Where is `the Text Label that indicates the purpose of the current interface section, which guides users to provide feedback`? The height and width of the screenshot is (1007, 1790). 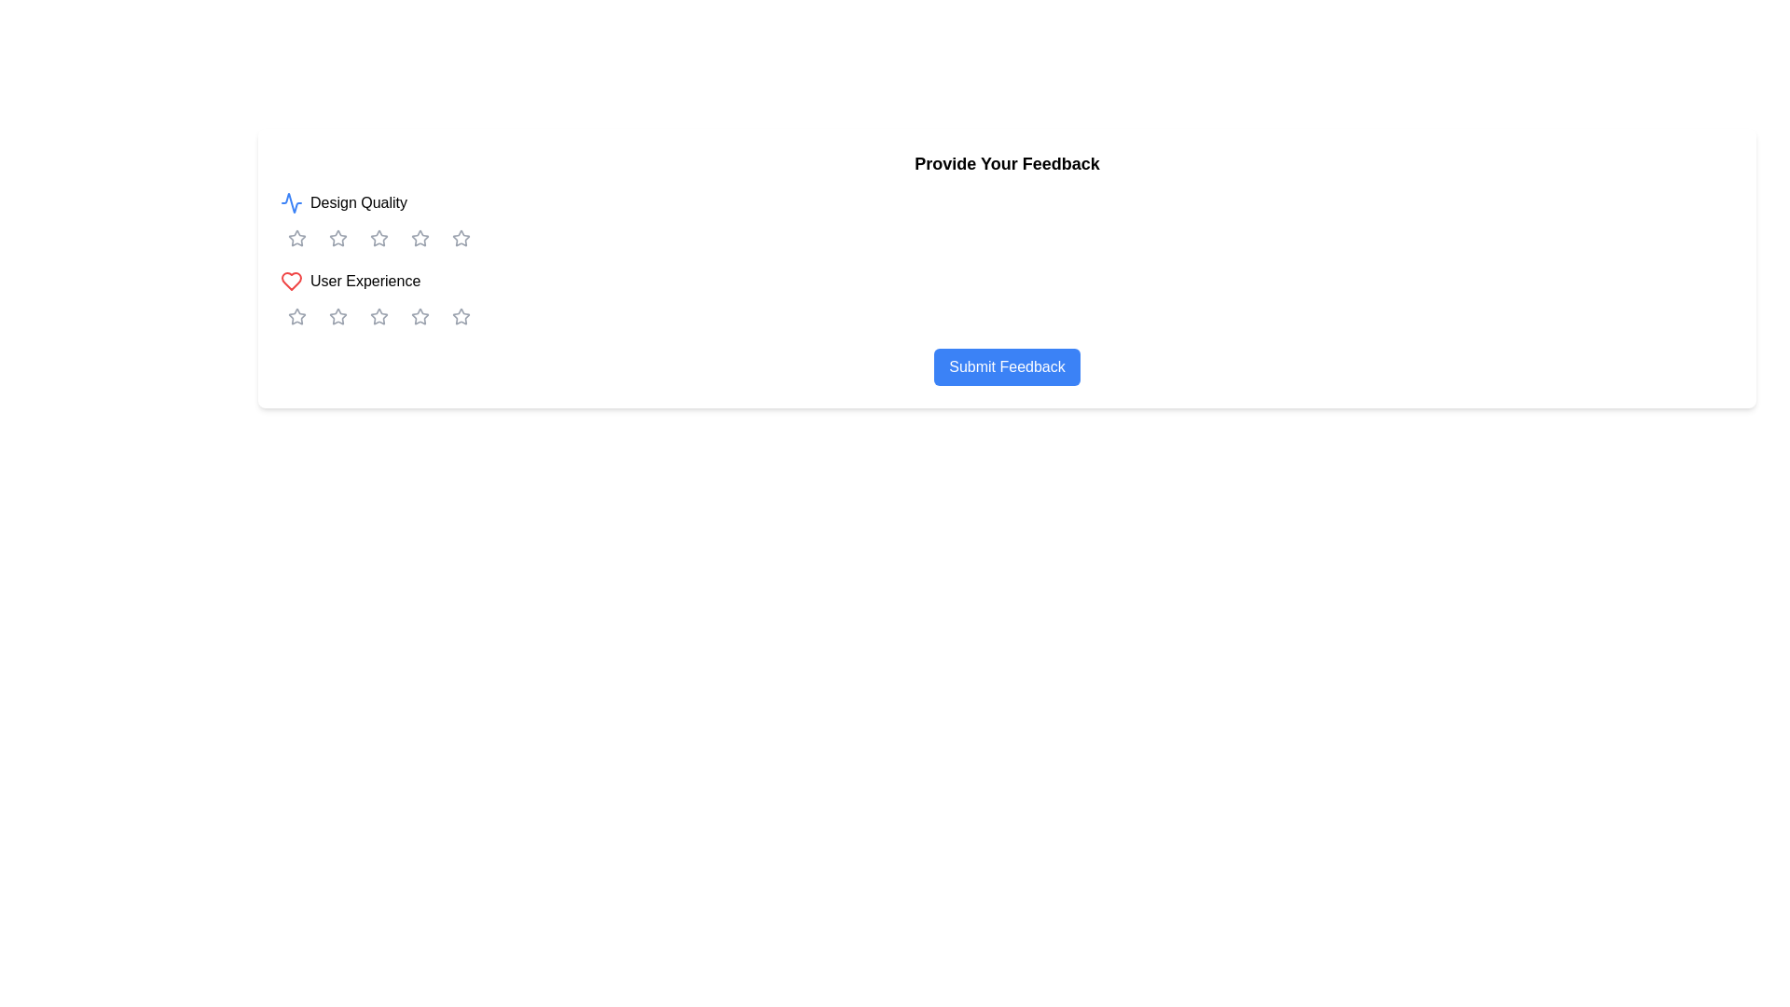 the Text Label that indicates the purpose of the current interface section, which guides users to provide feedback is located at coordinates (1006, 163).